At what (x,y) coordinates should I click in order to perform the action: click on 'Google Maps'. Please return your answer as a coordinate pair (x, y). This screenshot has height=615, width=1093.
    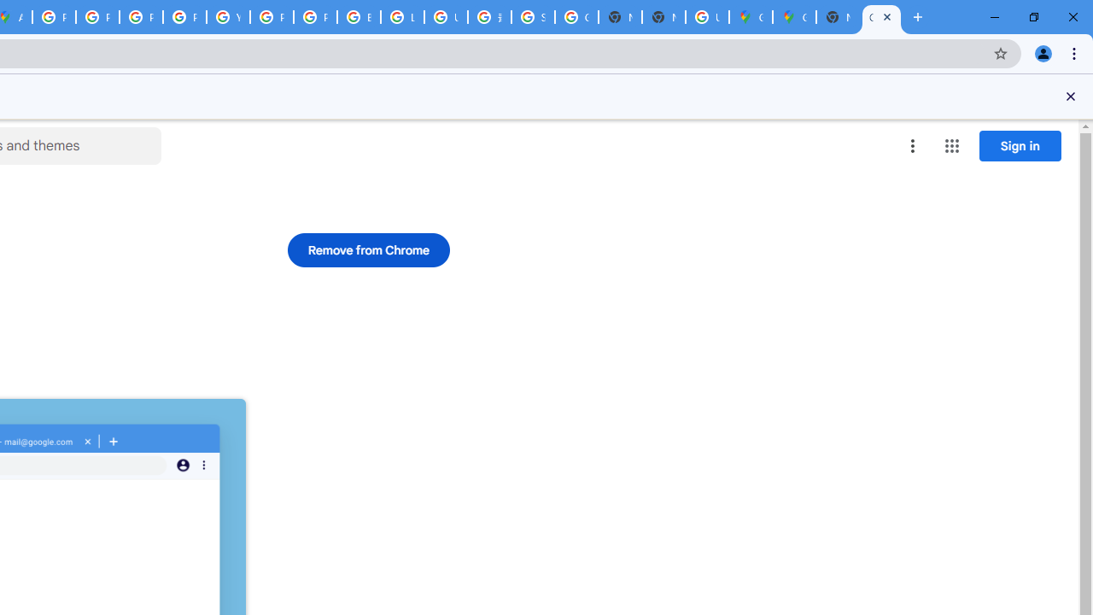
    Looking at the image, I should click on (751, 17).